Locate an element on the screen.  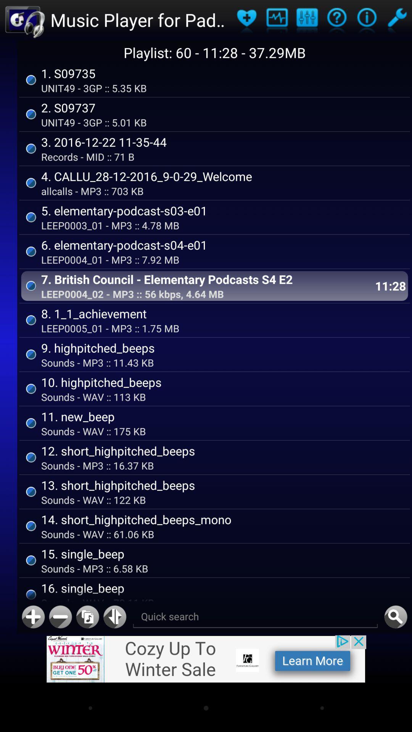
click details option is located at coordinates (336, 20).